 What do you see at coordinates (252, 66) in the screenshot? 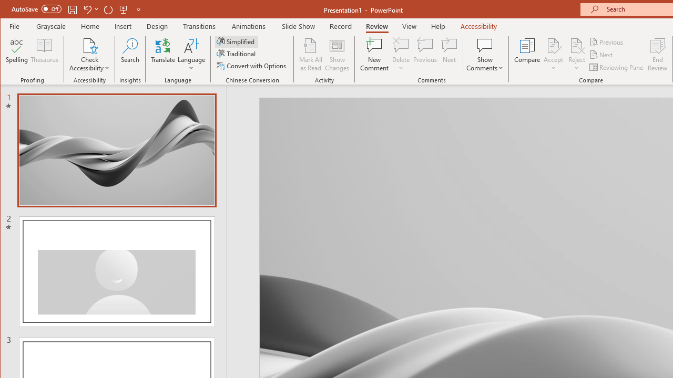
I see `'Convert with Options...'` at bounding box center [252, 66].